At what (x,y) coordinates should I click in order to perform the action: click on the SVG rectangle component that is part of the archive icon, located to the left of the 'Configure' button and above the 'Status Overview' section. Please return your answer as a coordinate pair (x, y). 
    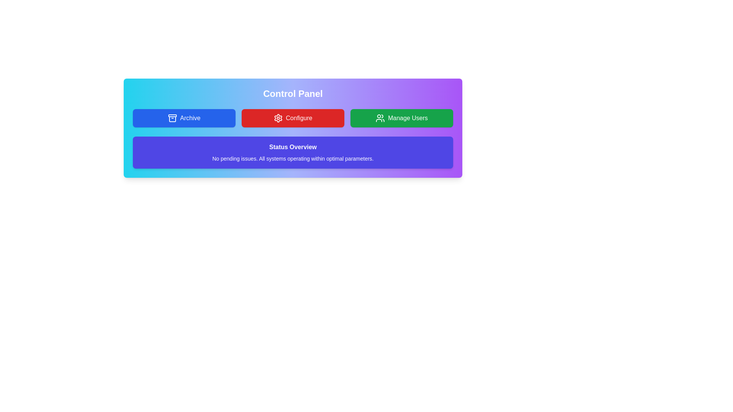
    Looking at the image, I should click on (172, 116).